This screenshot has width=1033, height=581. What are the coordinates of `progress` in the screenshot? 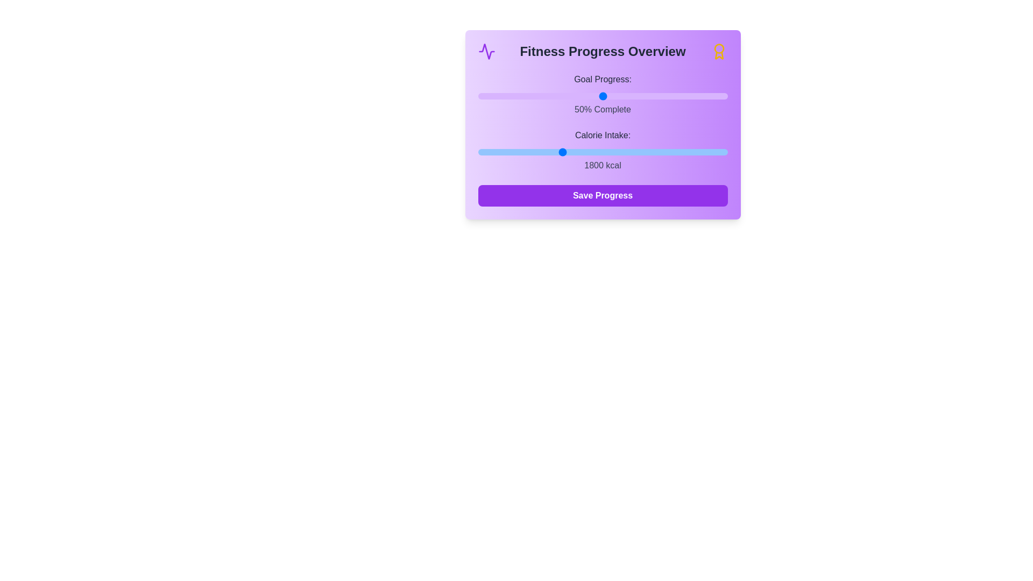 It's located at (687, 95).